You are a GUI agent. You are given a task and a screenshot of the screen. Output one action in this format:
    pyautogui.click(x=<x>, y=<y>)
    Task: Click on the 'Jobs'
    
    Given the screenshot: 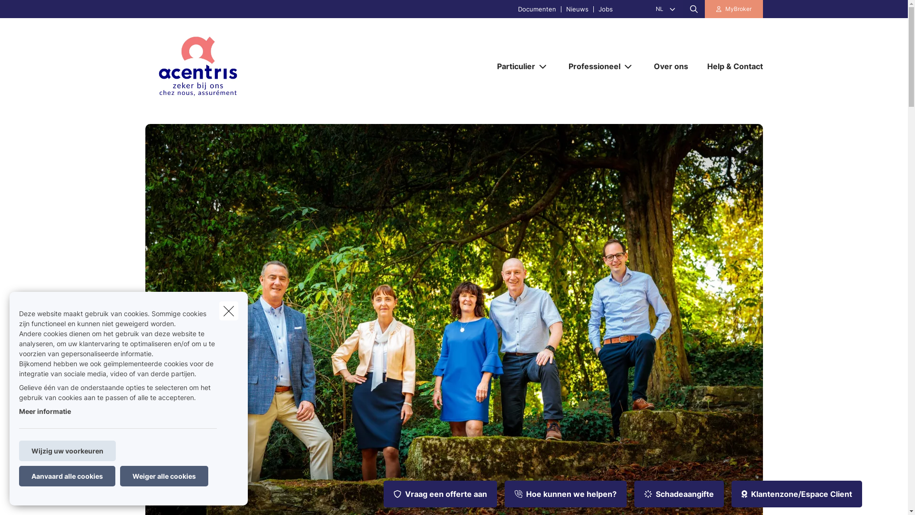 What is the action you would take?
    pyautogui.click(x=605, y=9)
    